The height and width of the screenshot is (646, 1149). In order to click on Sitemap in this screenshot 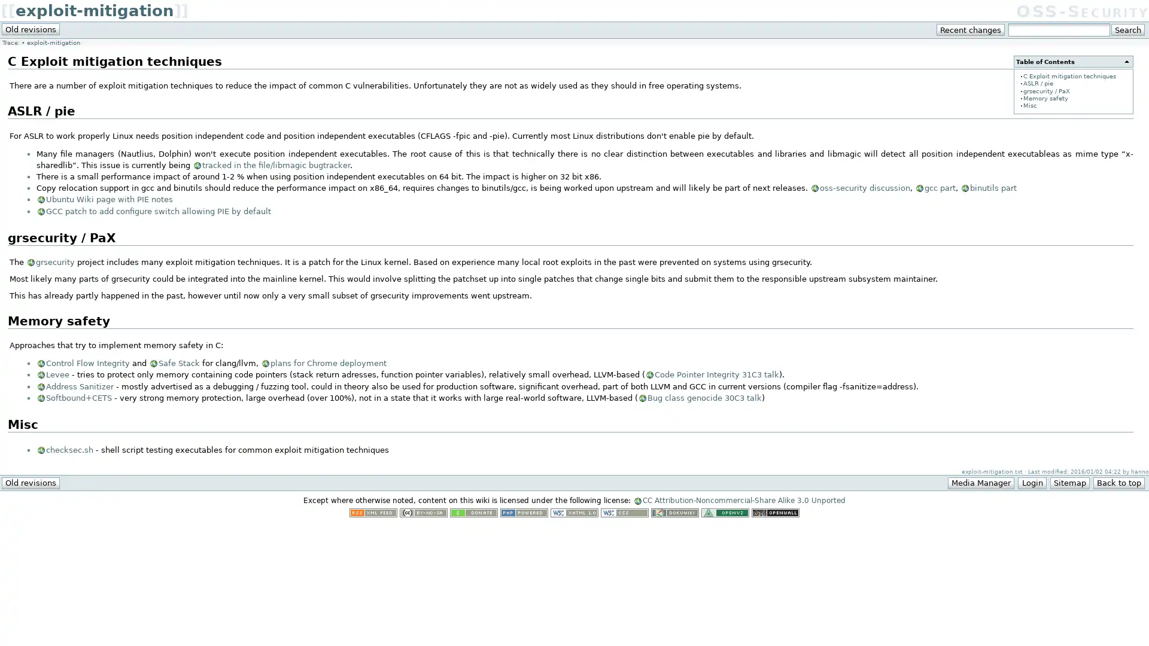, I will do `click(1069, 482)`.